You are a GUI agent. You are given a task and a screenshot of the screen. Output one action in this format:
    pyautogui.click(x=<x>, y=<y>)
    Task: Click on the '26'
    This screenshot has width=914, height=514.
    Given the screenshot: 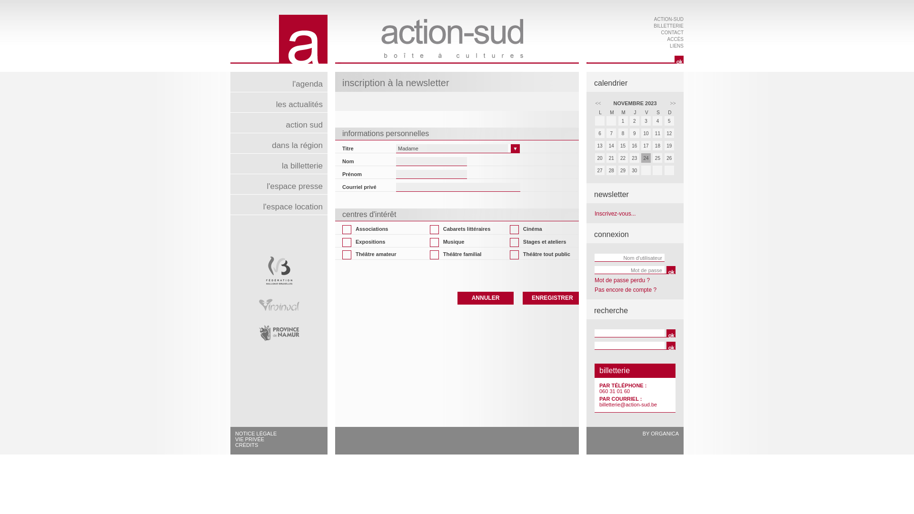 What is the action you would take?
    pyautogui.click(x=664, y=157)
    